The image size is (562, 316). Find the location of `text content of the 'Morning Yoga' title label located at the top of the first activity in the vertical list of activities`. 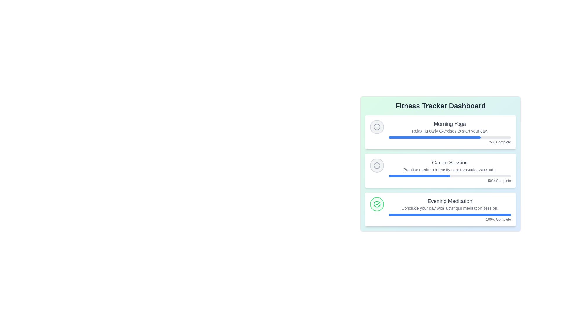

text content of the 'Morning Yoga' title label located at the top of the first activity in the vertical list of activities is located at coordinates (449, 124).